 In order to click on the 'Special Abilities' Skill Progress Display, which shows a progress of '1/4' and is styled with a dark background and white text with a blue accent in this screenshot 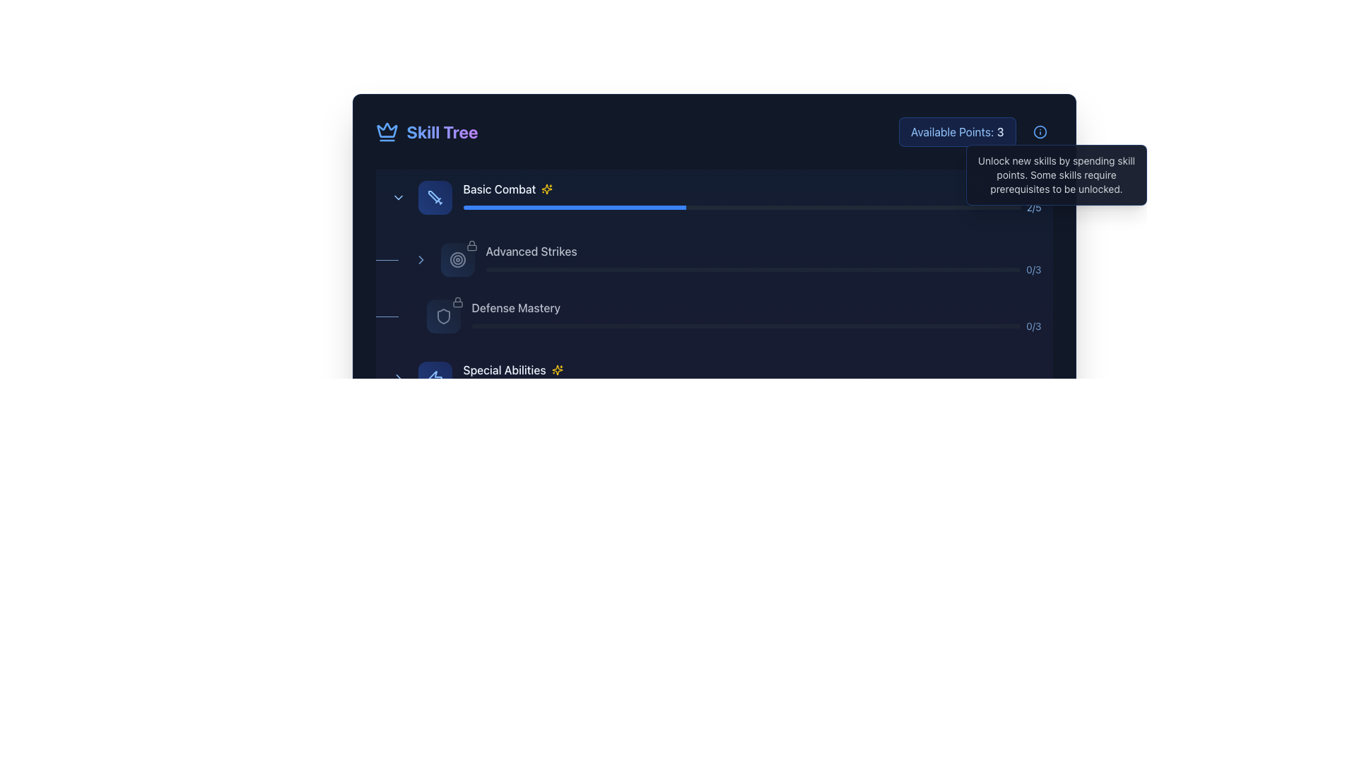, I will do `click(714, 378)`.